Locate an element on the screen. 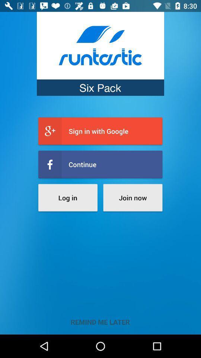 Image resolution: width=201 pixels, height=358 pixels. icon above remind me later icon is located at coordinates (68, 197).